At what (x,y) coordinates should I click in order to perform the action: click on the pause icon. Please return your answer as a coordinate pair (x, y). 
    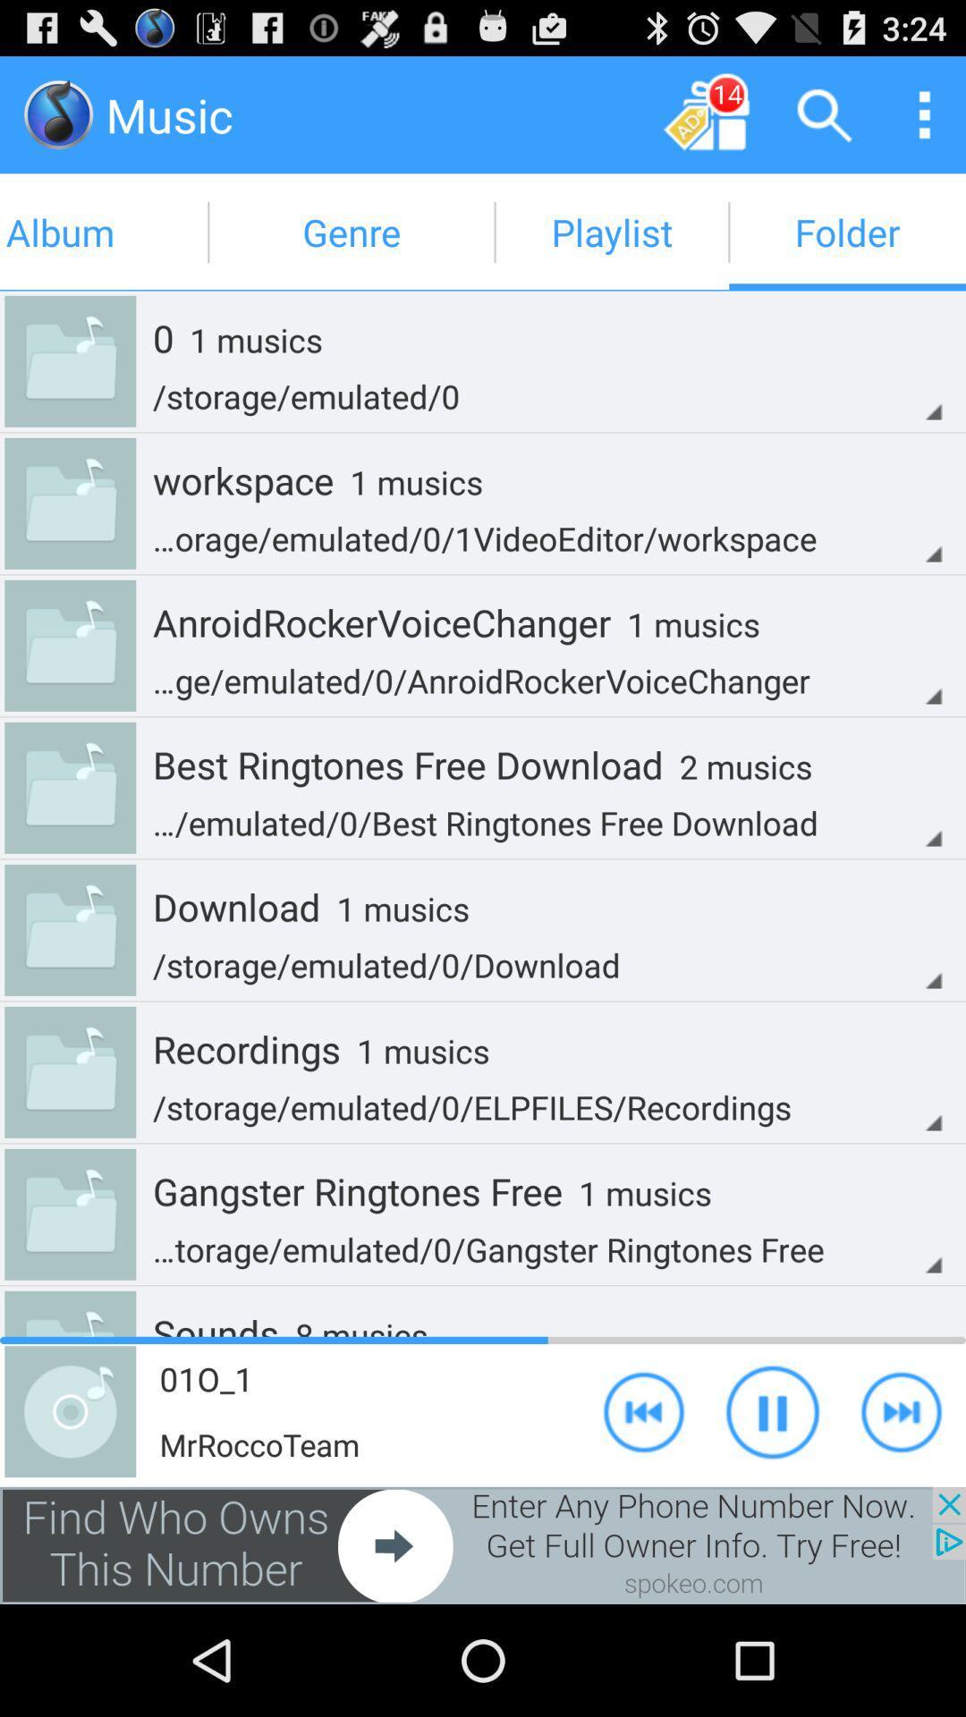
    Looking at the image, I should click on (772, 1510).